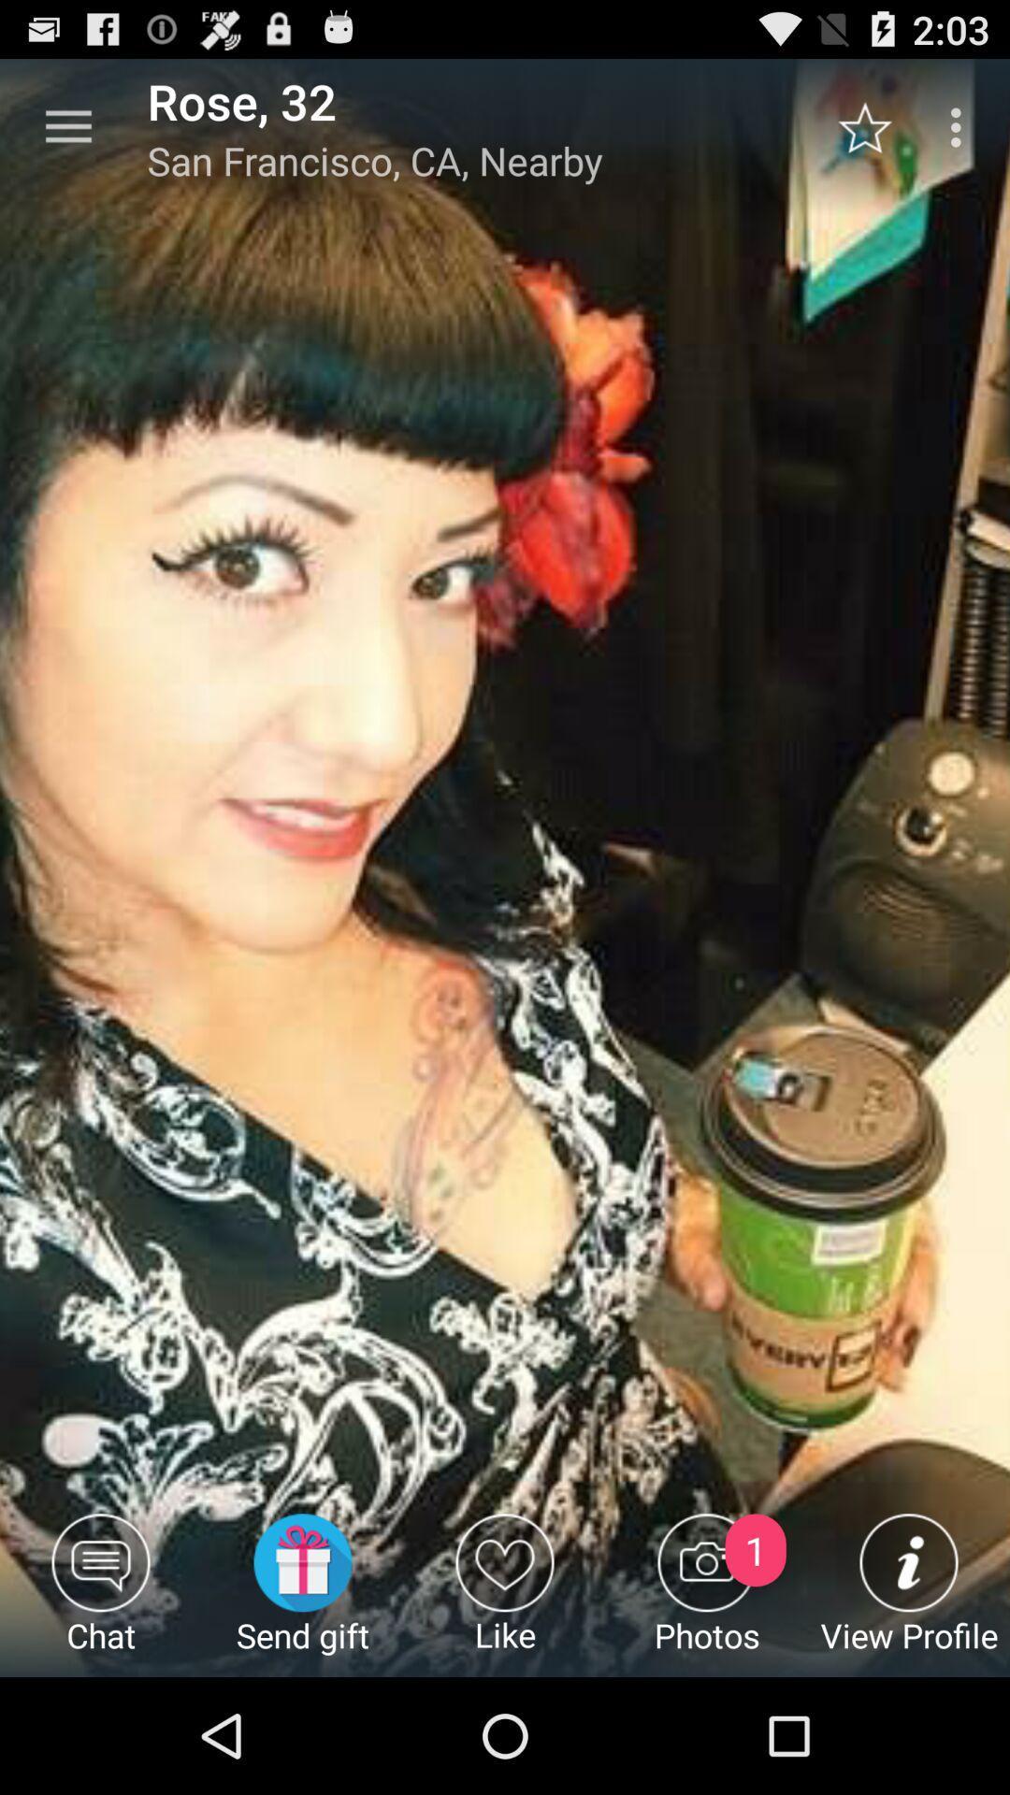 The image size is (1010, 1795). What do you see at coordinates (67, 126) in the screenshot?
I see `the item next to rose, 32 icon` at bounding box center [67, 126].